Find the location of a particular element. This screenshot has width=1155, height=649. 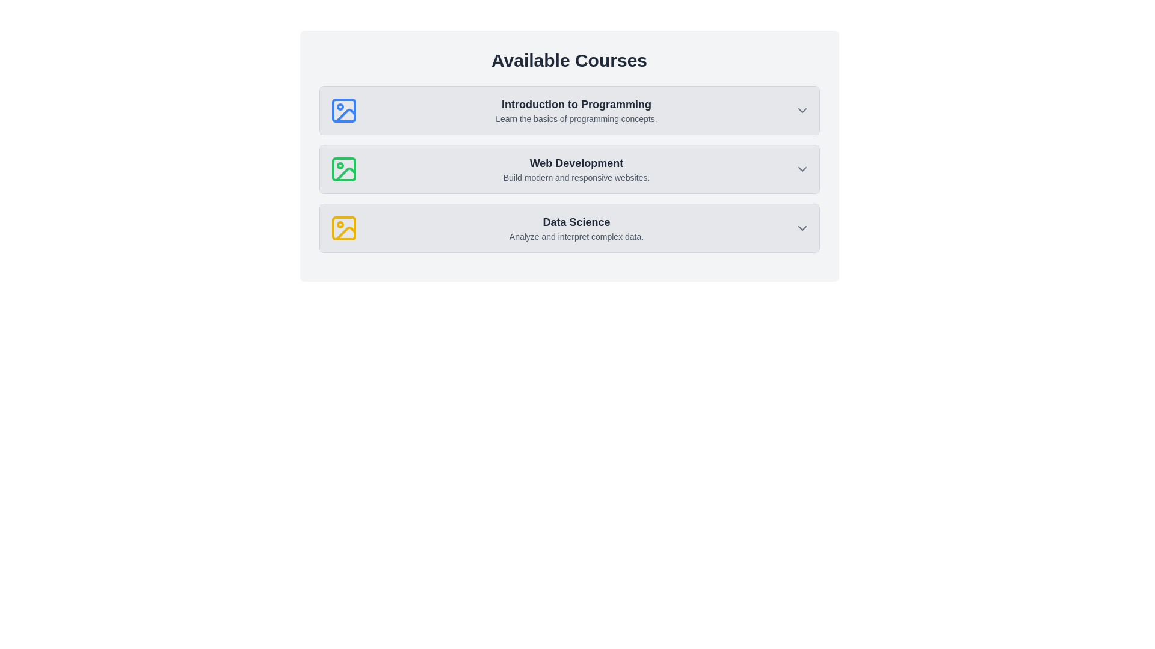

static text element that displays 'Learn the basics of programming concepts.' located beneath the title 'Introduction to Programming' is located at coordinates (576, 118).